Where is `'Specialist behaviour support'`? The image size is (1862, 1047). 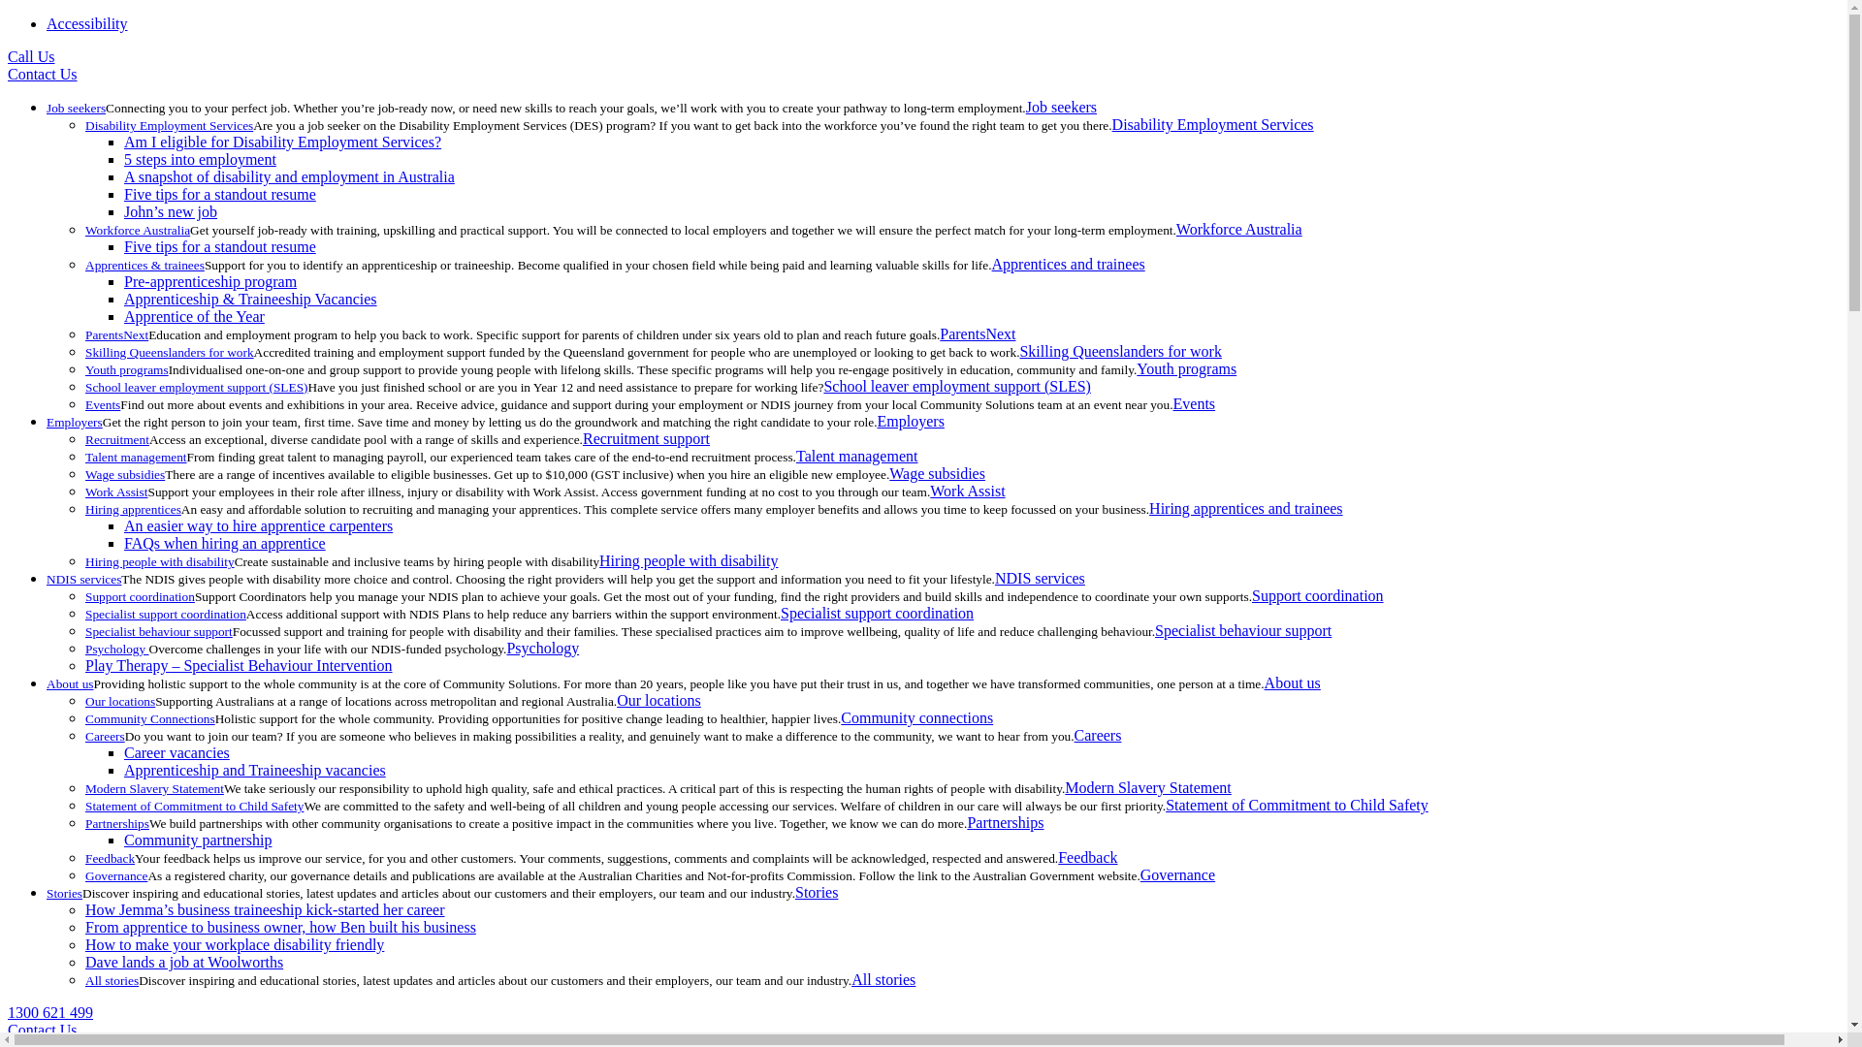
'Specialist behaviour support' is located at coordinates (1242, 630).